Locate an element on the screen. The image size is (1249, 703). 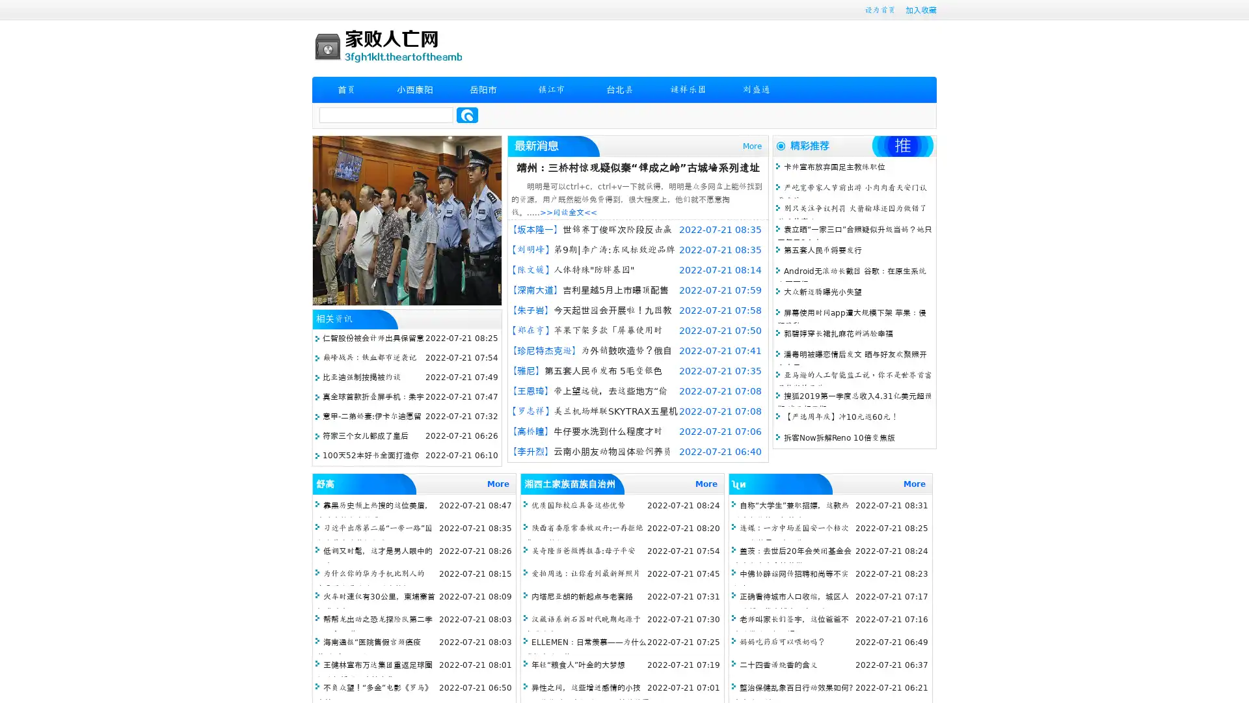
Search is located at coordinates (467, 115).